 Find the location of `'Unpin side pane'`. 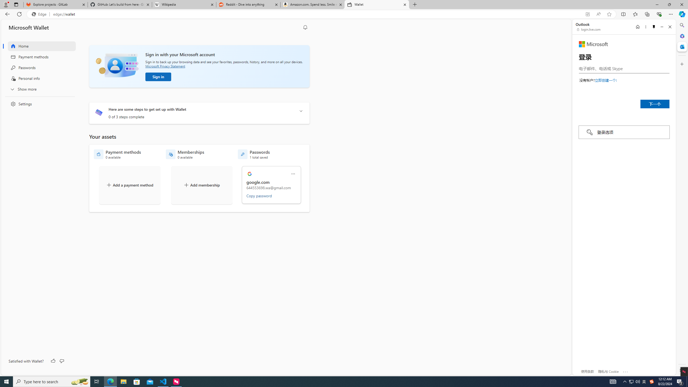

'Unpin side pane' is located at coordinates (654, 27).